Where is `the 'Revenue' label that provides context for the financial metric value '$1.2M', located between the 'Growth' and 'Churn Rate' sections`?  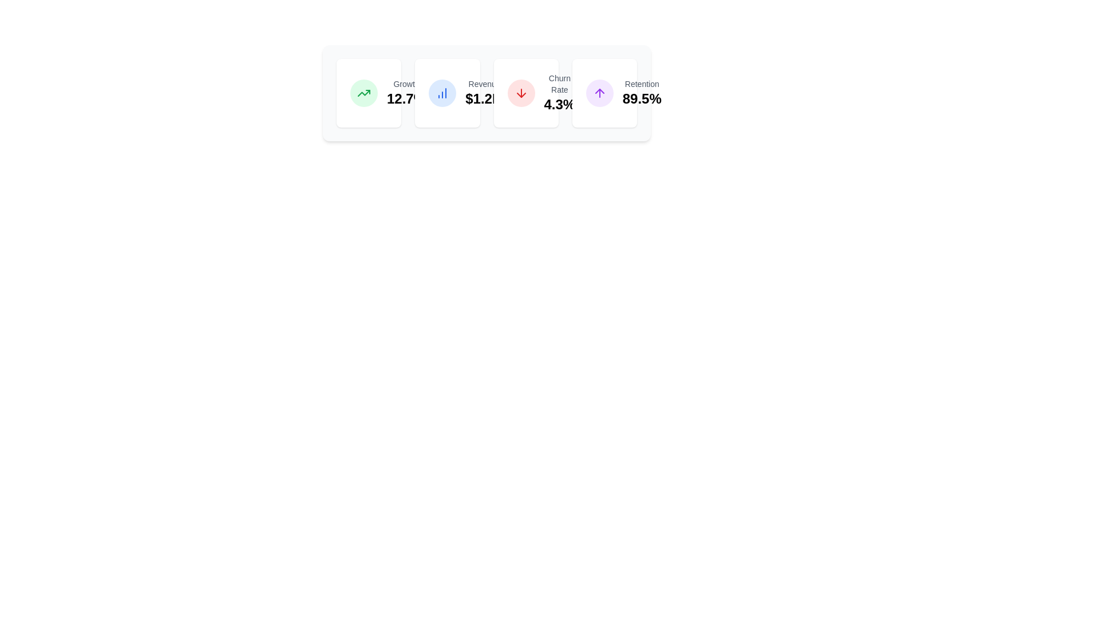
the 'Revenue' label that provides context for the financial metric value '$1.2M', located between the 'Growth' and 'Churn Rate' sections is located at coordinates (484, 83).